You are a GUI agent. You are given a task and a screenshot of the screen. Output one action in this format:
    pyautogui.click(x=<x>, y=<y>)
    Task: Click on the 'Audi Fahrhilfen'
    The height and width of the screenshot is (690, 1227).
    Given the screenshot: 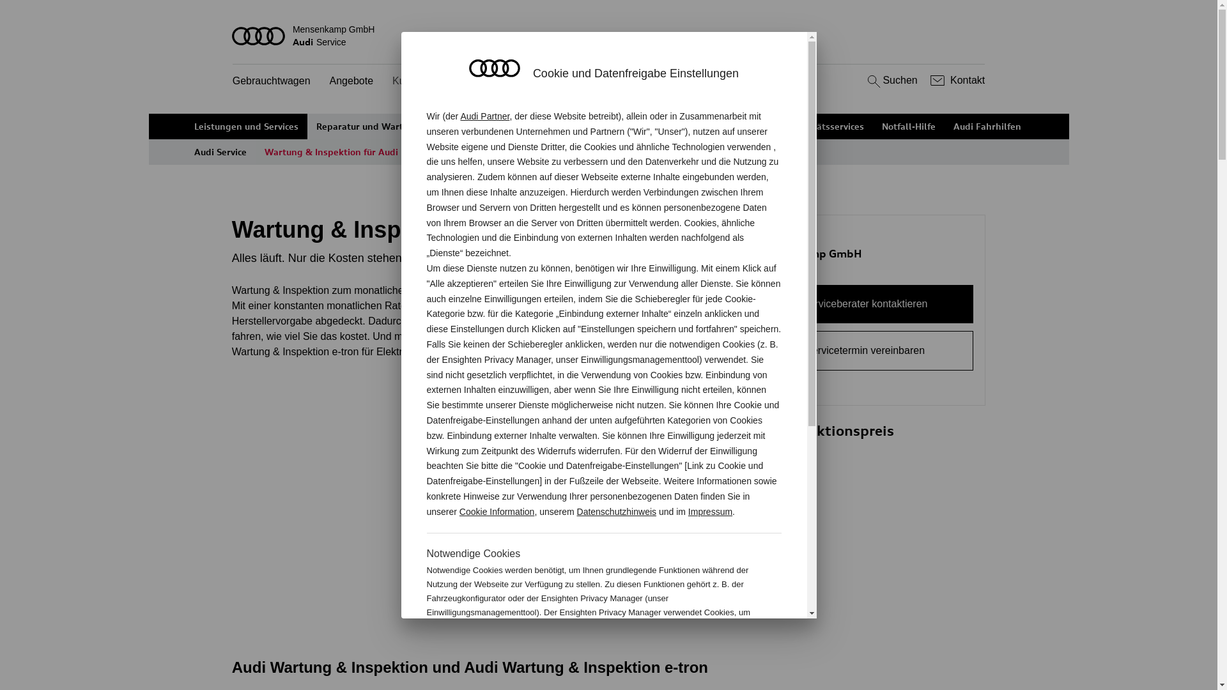 What is the action you would take?
    pyautogui.click(x=987, y=126)
    